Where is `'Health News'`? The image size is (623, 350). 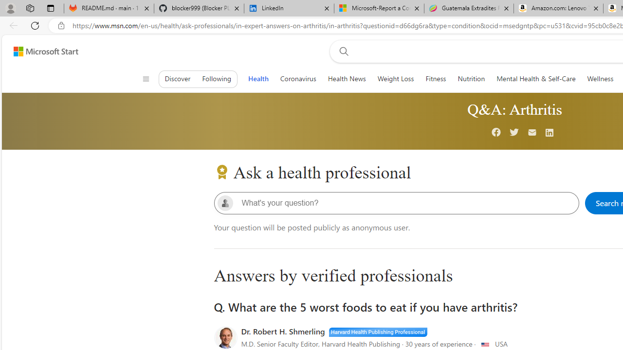 'Health News' is located at coordinates (347, 78).